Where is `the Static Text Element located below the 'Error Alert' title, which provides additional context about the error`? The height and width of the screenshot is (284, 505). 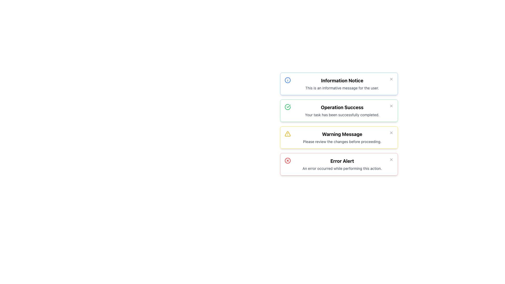 the Static Text Element located below the 'Error Alert' title, which provides additional context about the error is located at coordinates (342, 168).